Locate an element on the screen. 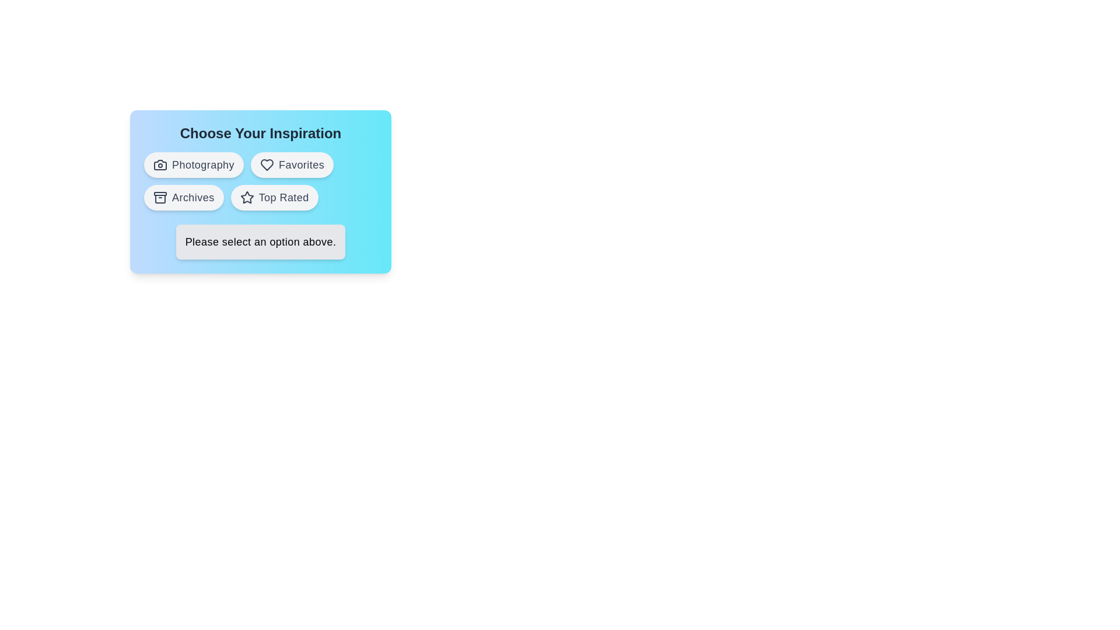  the topmost rectangular shape of the SVG icon resembling an archive box, which serves as the lid of the box is located at coordinates (159, 193).